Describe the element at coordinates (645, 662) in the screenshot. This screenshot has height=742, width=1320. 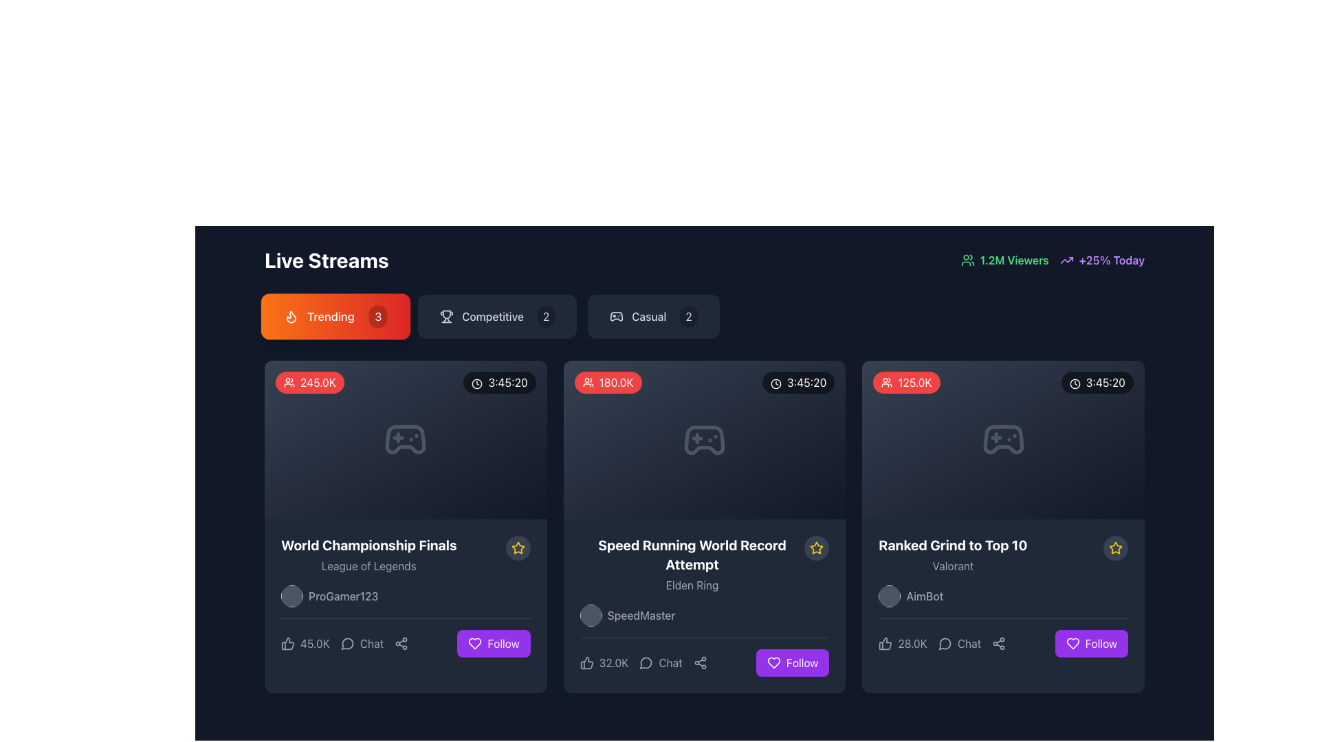
I see `the circular speech bubble icon located within the 'Chat' button below the 'Speed Running World Record Attempt' card` at that location.